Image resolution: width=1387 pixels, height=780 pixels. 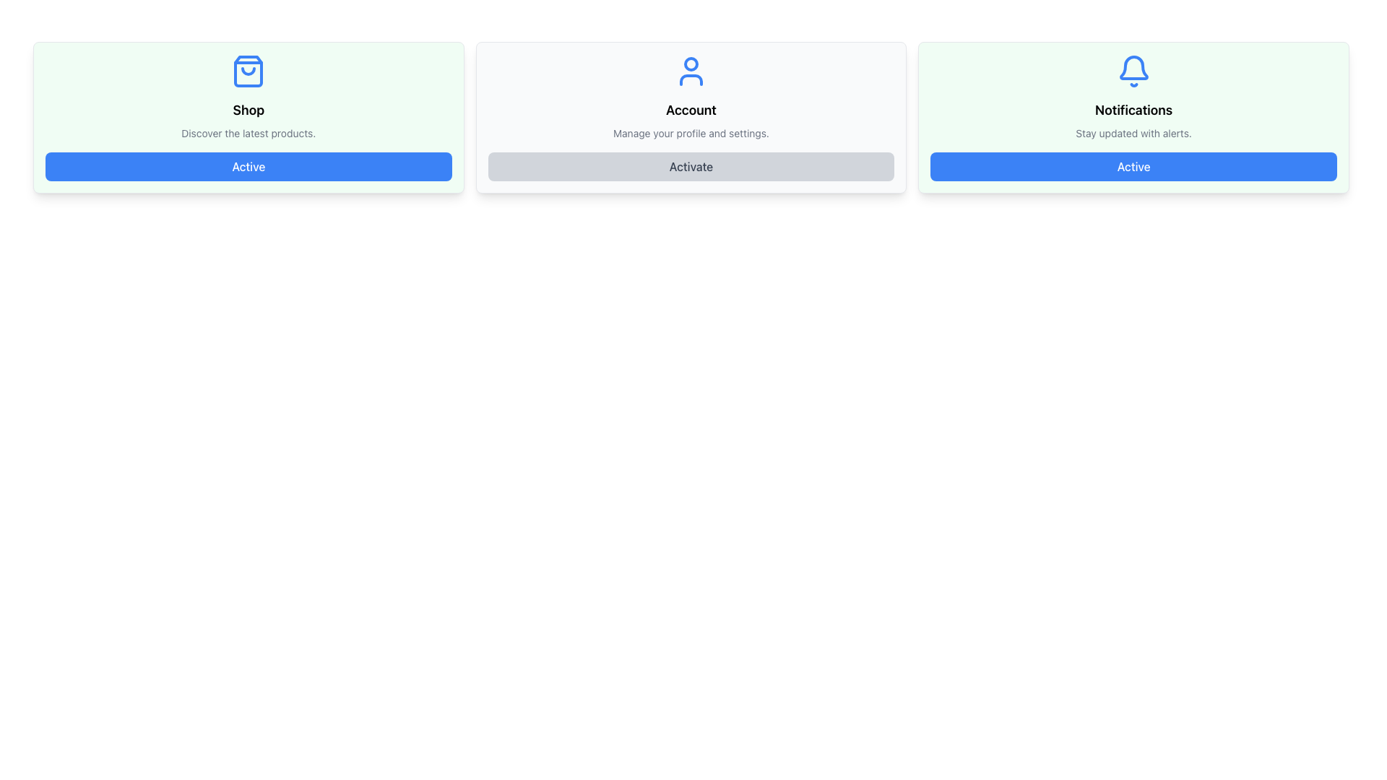 What do you see at coordinates (1133, 116) in the screenshot?
I see `text 'Stay updated with alerts.' located in the light green card element with a blue bell icon and a blue button labeled 'Active' at the bottom` at bounding box center [1133, 116].